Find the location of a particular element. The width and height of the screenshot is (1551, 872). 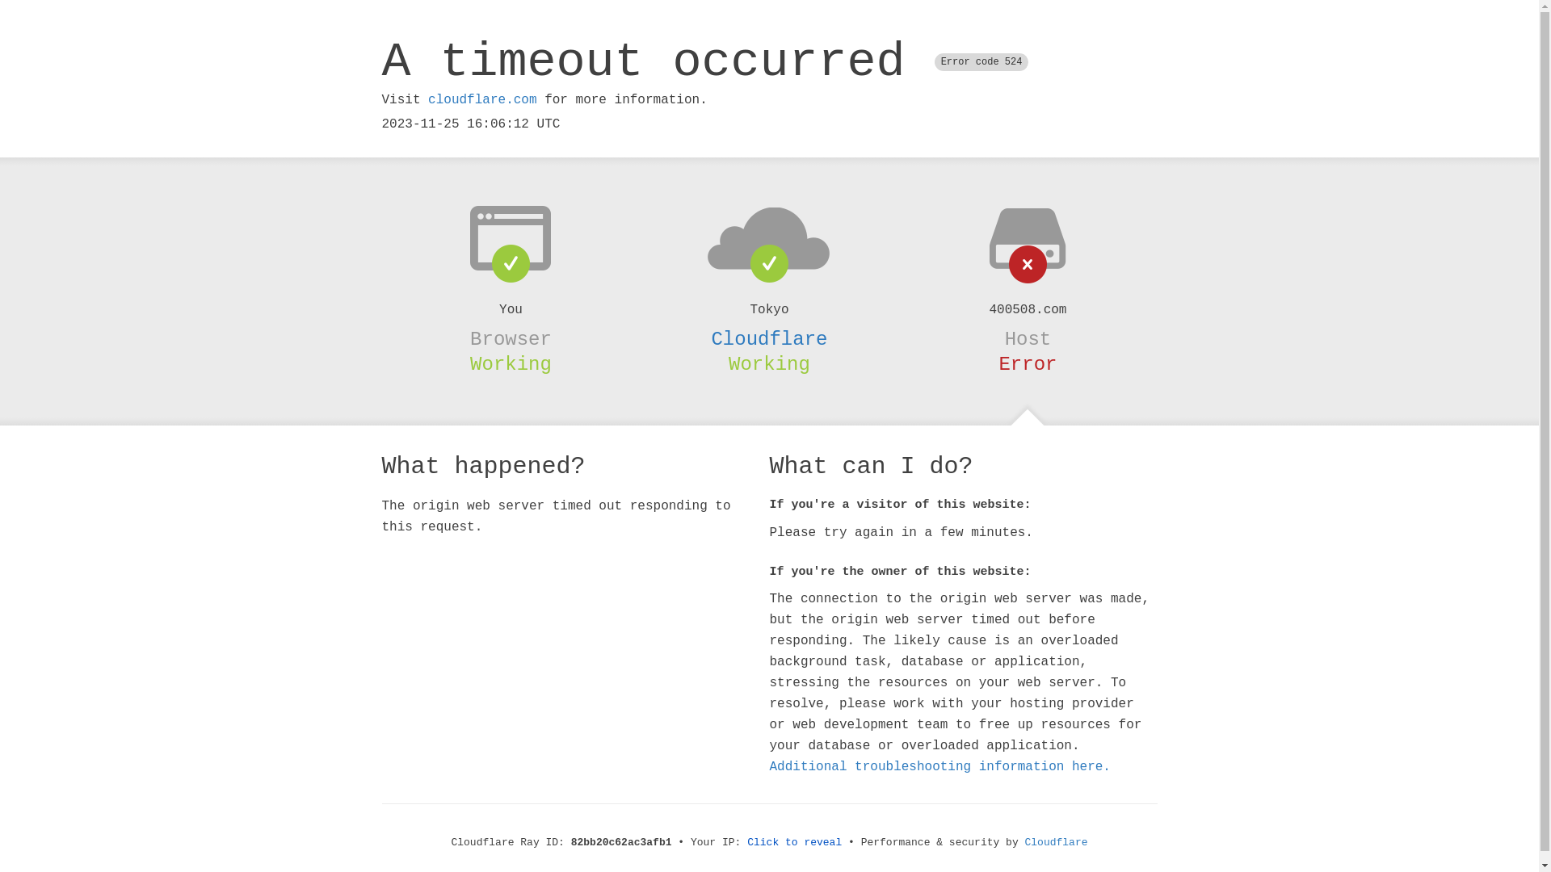

'cloudflare.com' is located at coordinates (481, 99).